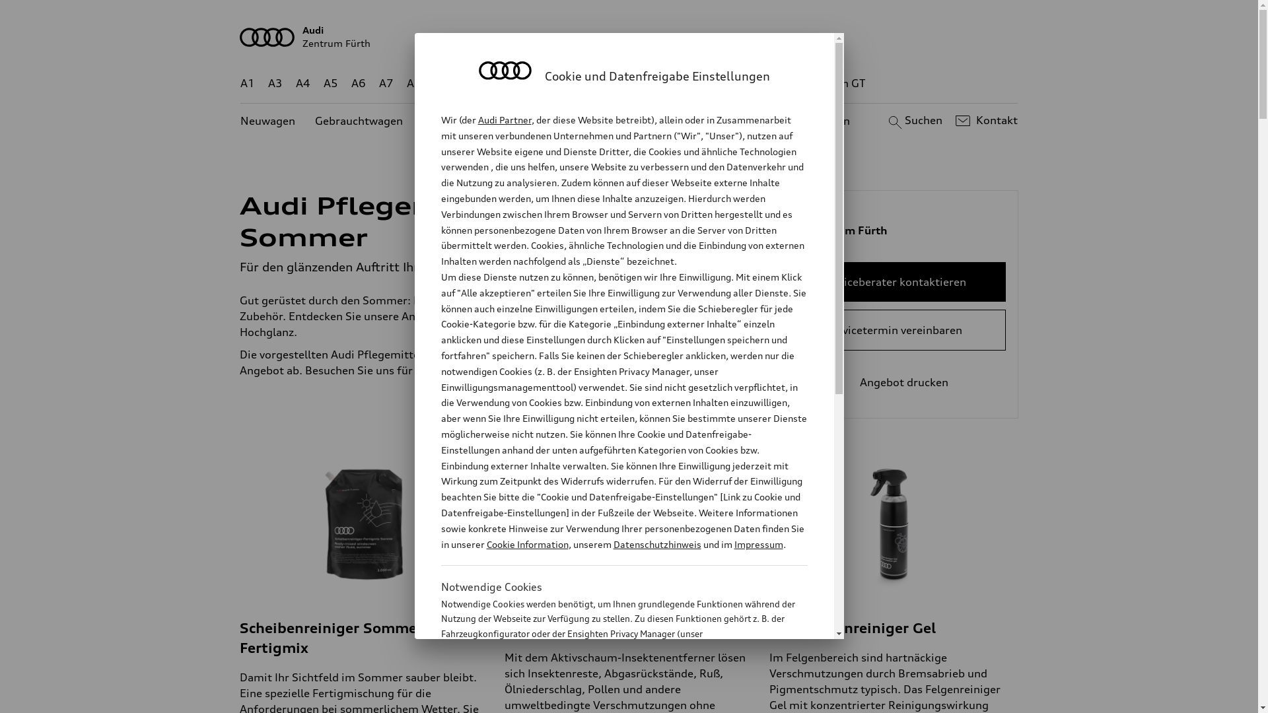  What do you see at coordinates (477, 119) in the screenshot?
I see `'Audi Partner'` at bounding box center [477, 119].